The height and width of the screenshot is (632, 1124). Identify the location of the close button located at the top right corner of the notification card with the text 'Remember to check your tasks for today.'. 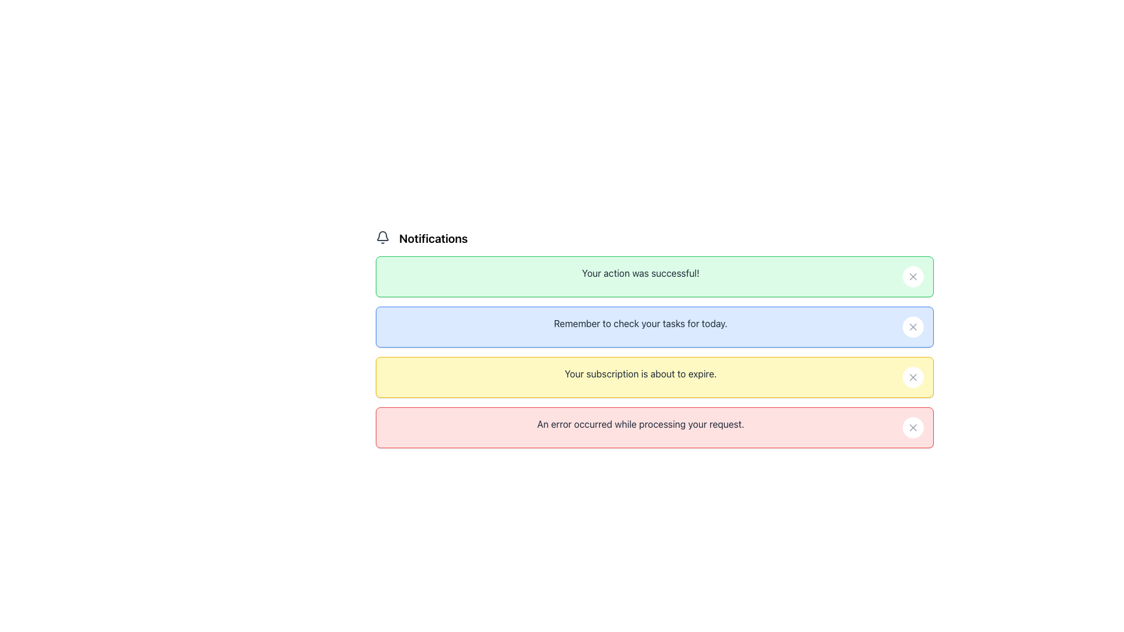
(913, 327).